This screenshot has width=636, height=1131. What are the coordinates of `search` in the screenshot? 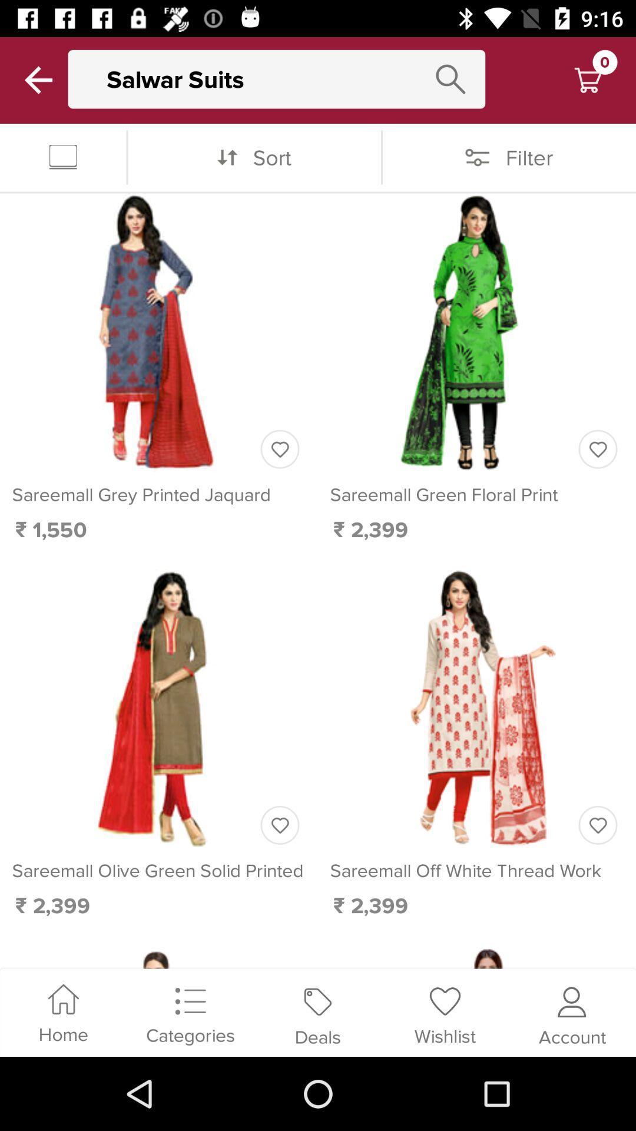 It's located at (450, 78).